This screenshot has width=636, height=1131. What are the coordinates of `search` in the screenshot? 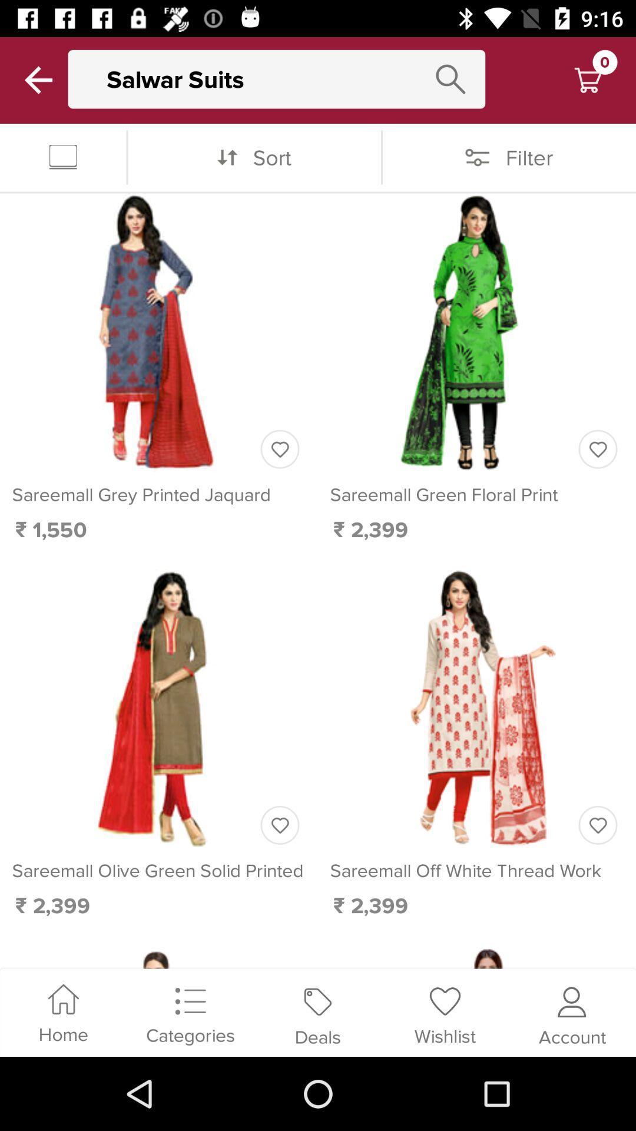 It's located at (450, 78).